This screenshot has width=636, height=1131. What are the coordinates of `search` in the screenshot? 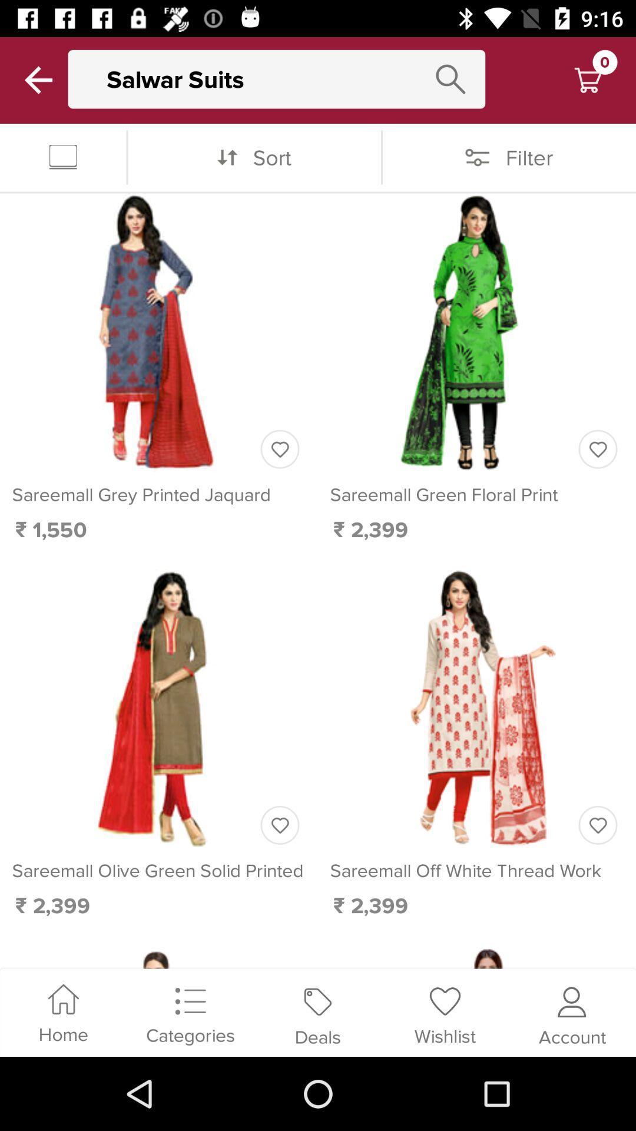 It's located at (450, 78).